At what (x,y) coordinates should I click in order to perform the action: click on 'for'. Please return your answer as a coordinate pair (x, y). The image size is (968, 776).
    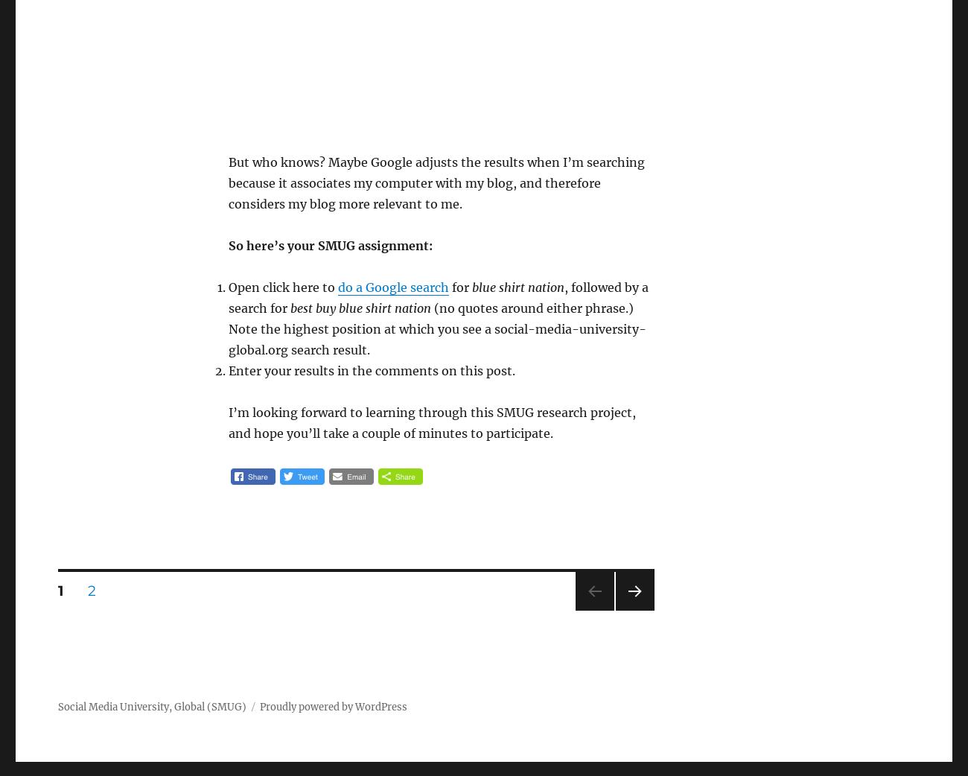
    Looking at the image, I should click on (448, 286).